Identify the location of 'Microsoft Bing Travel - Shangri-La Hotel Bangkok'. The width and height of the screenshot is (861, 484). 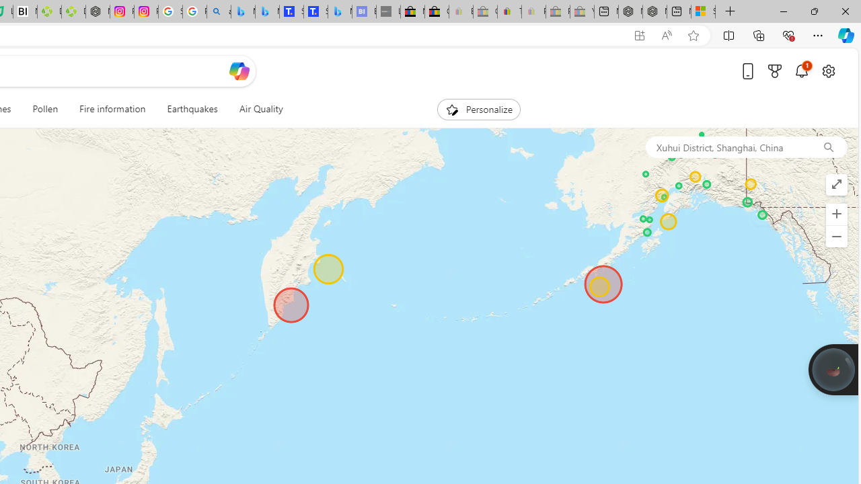
(340, 11).